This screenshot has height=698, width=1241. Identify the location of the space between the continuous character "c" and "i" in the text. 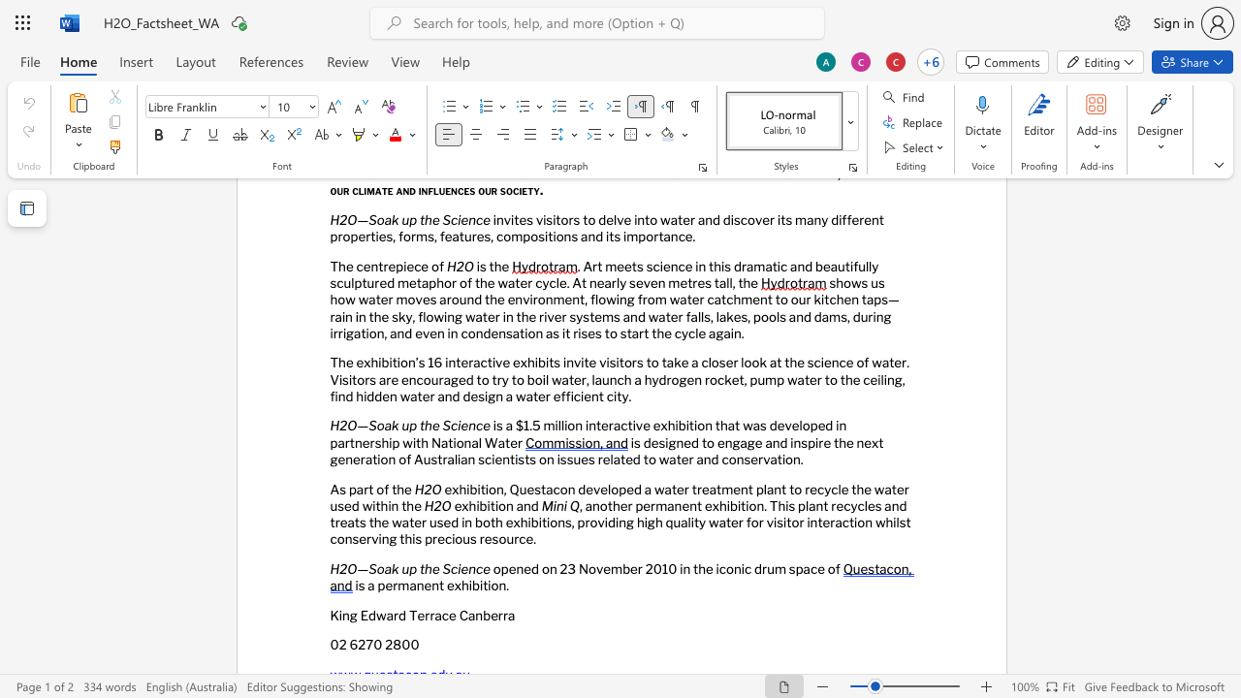
(456, 567).